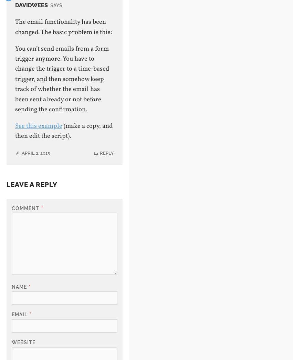 This screenshot has height=360, width=293. I want to click on 'April 2, 2015', so click(35, 153).